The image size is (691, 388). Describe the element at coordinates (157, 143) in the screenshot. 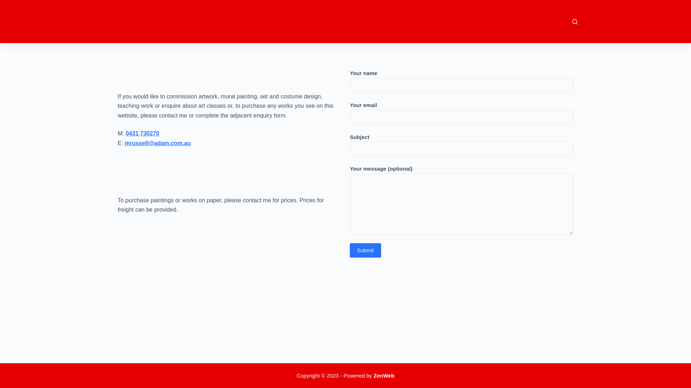

I see `'mrussell@adam.com.au'` at that location.